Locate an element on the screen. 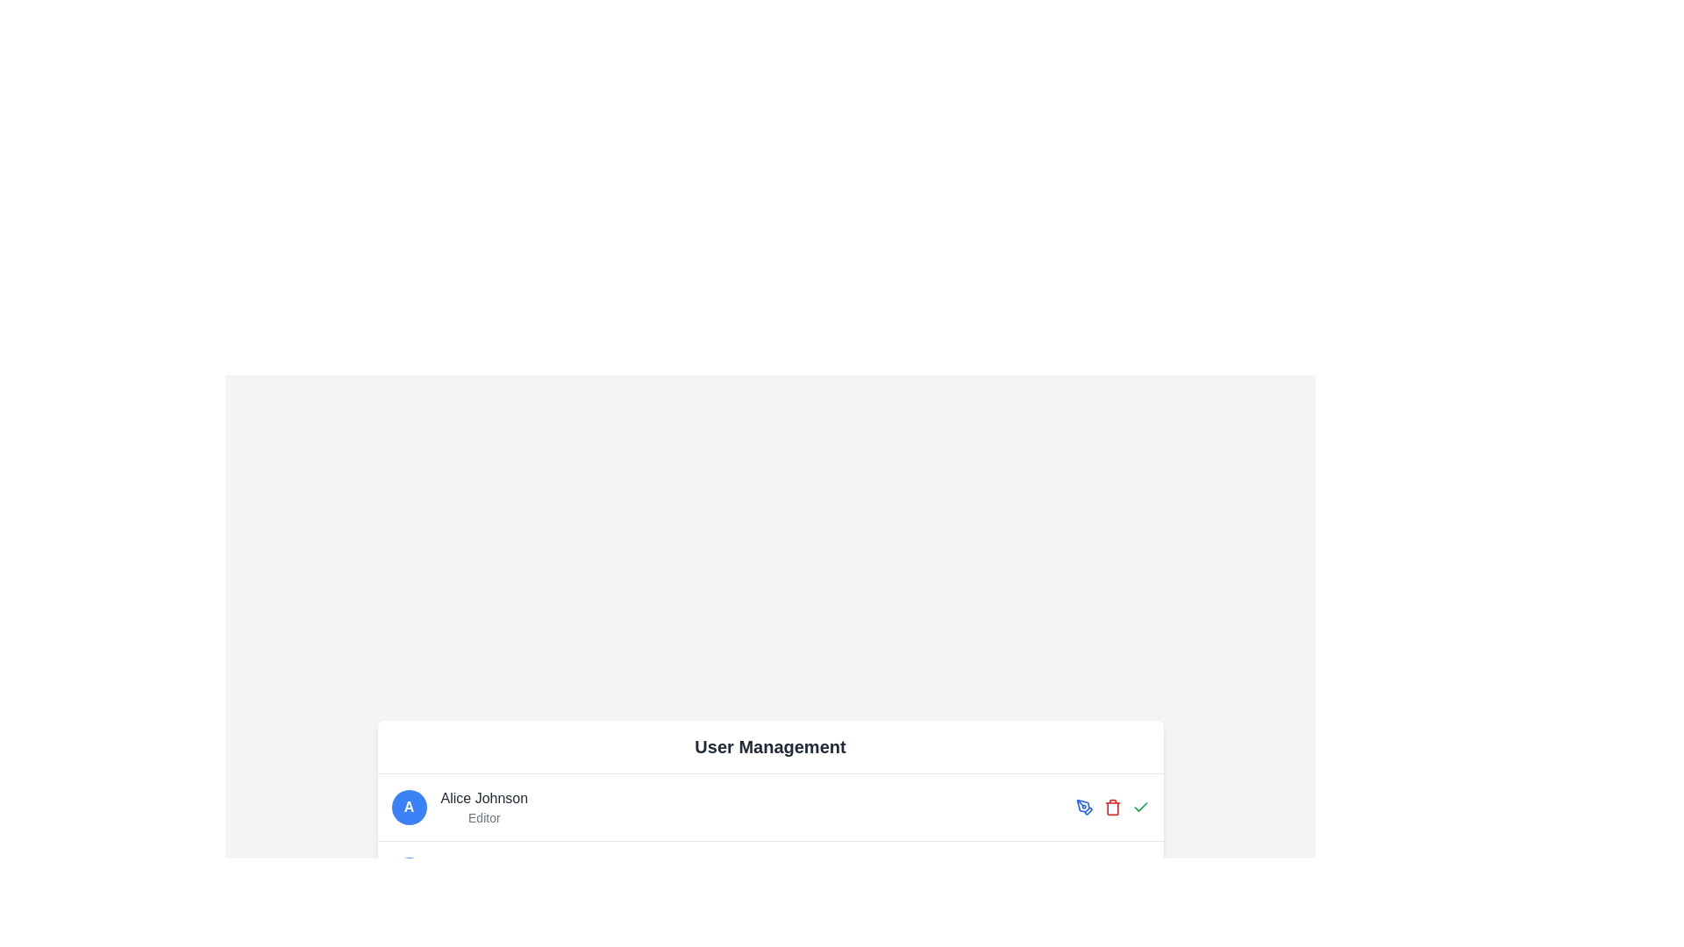 Image resolution: width=1684 pixels, height=947 pixels. the User Profile Display located at the top-left corner of the row is located at coordinates (459, 808).